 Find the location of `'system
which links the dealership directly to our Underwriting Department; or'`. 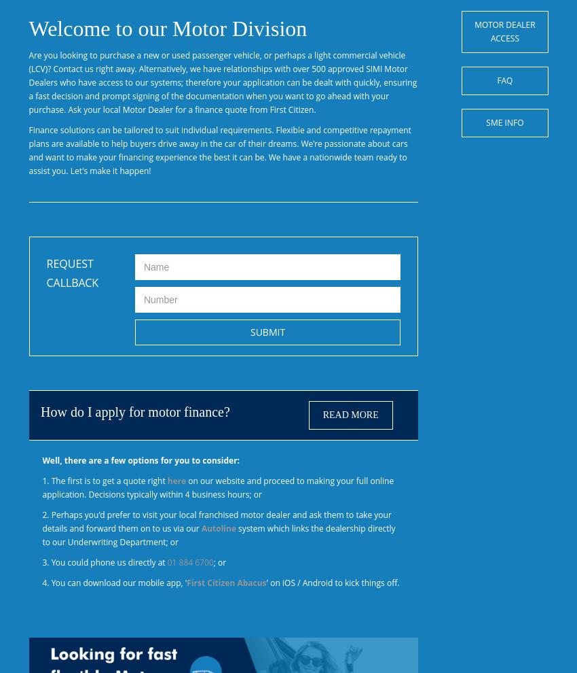

'system
which links the dealership directly to our Underwriting Department; or' is located at coordinates (41, 535).